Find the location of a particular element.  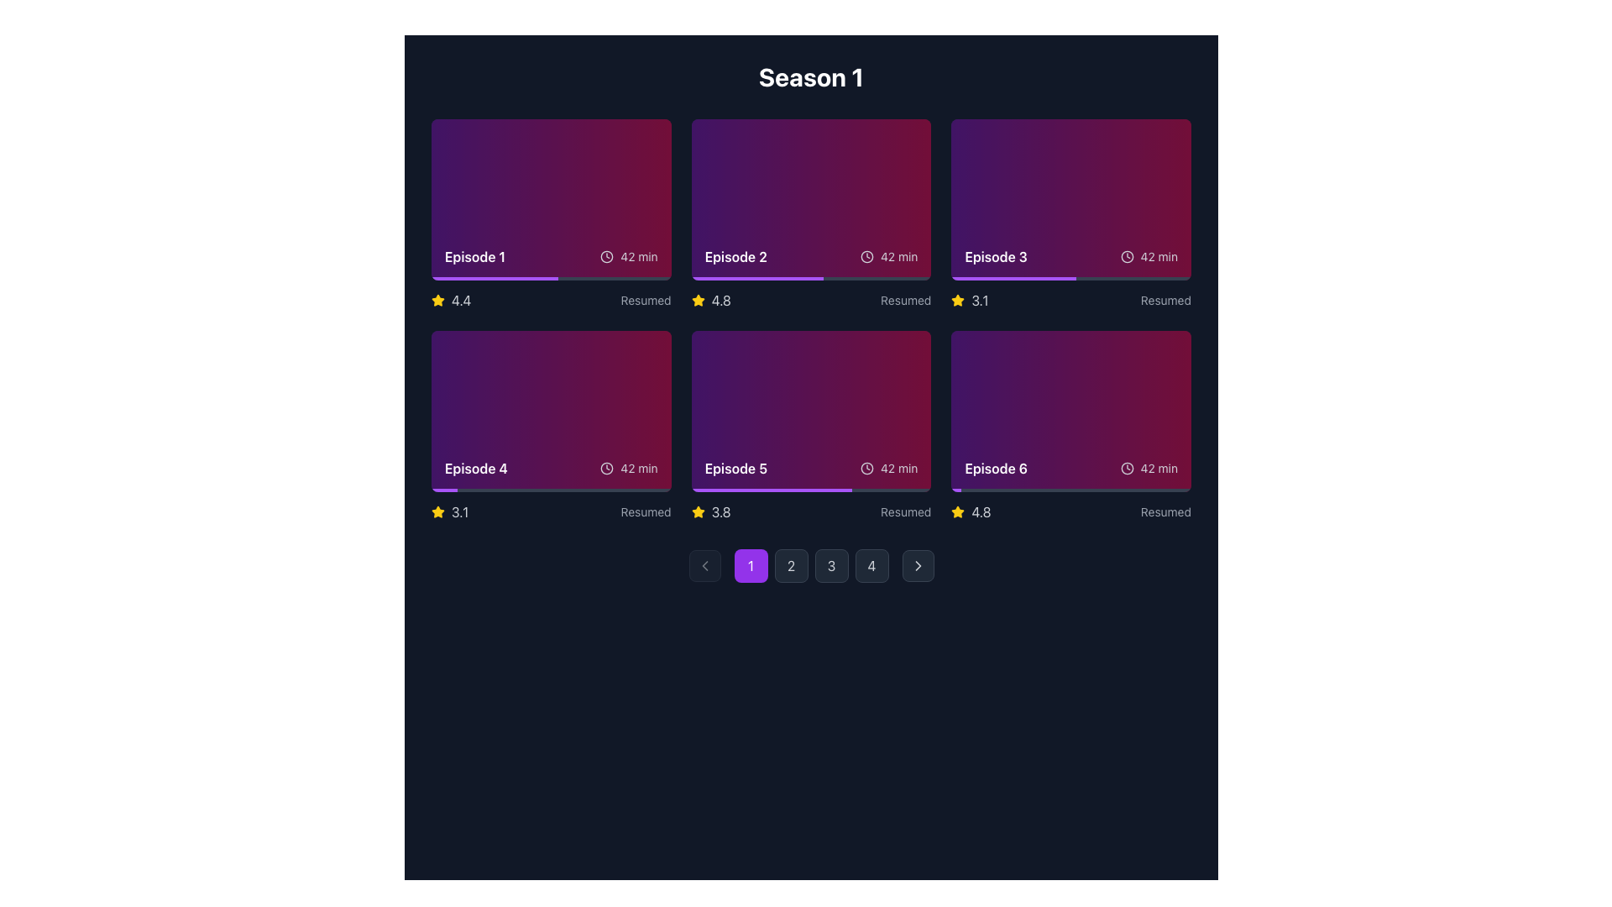

the star icon that visually represents the rating score for the episode associated with 'Episode 3', located in the second row, first column of the series season layout is located at coordinates (958, 300).